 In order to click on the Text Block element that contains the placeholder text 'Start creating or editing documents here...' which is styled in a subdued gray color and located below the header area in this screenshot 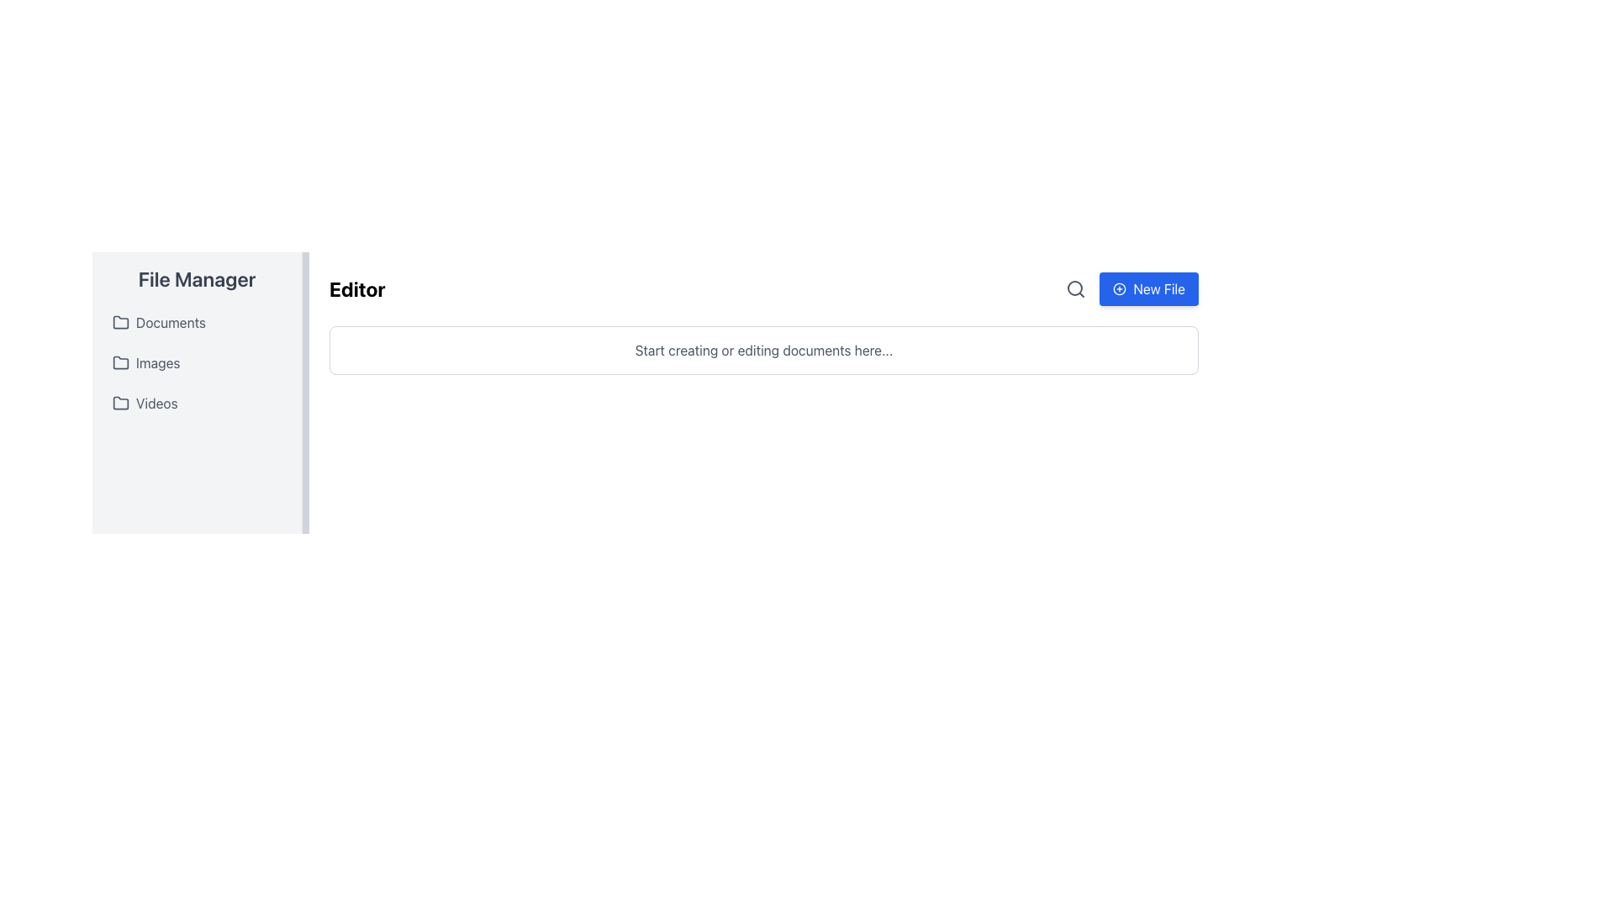, I will do `click(762, 349)`.